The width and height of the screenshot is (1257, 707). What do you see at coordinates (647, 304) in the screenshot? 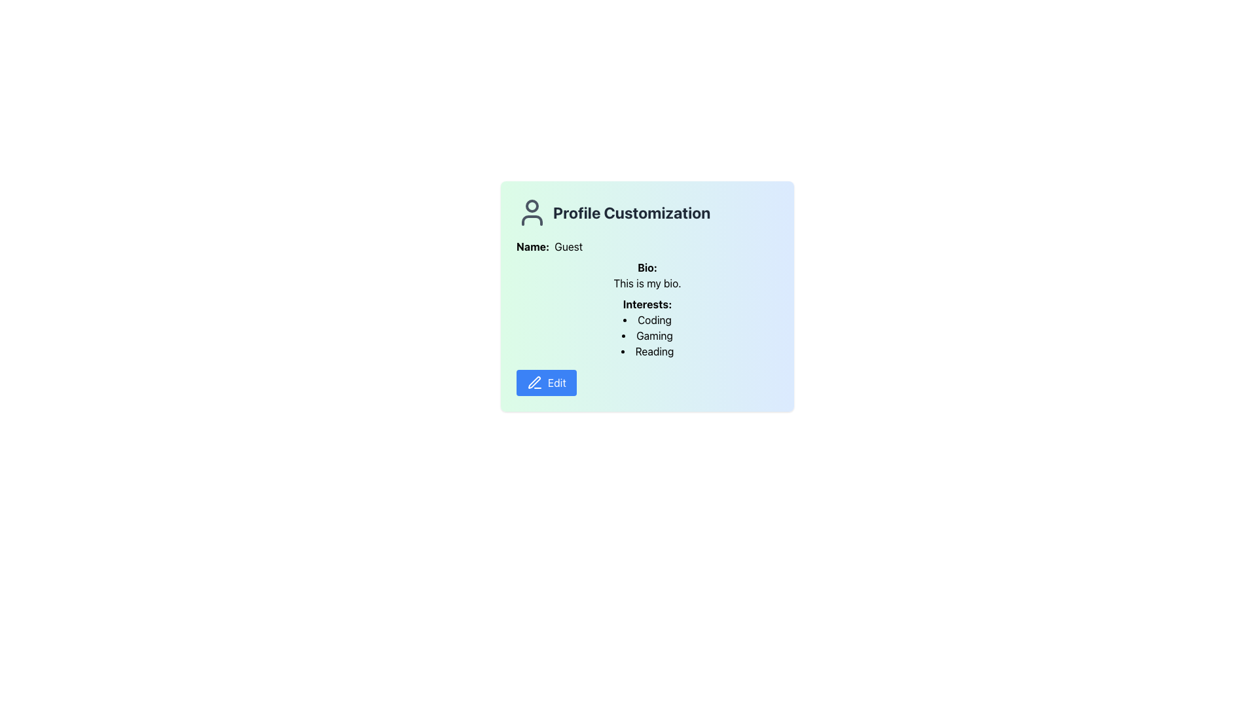
I see `the text label displaying 'Interests:' which is styled in bold font and positioned to the left of the bullet-point list containing 'Coding', 'Gaming', and 'Reading'` at bounding box center [647, 304].